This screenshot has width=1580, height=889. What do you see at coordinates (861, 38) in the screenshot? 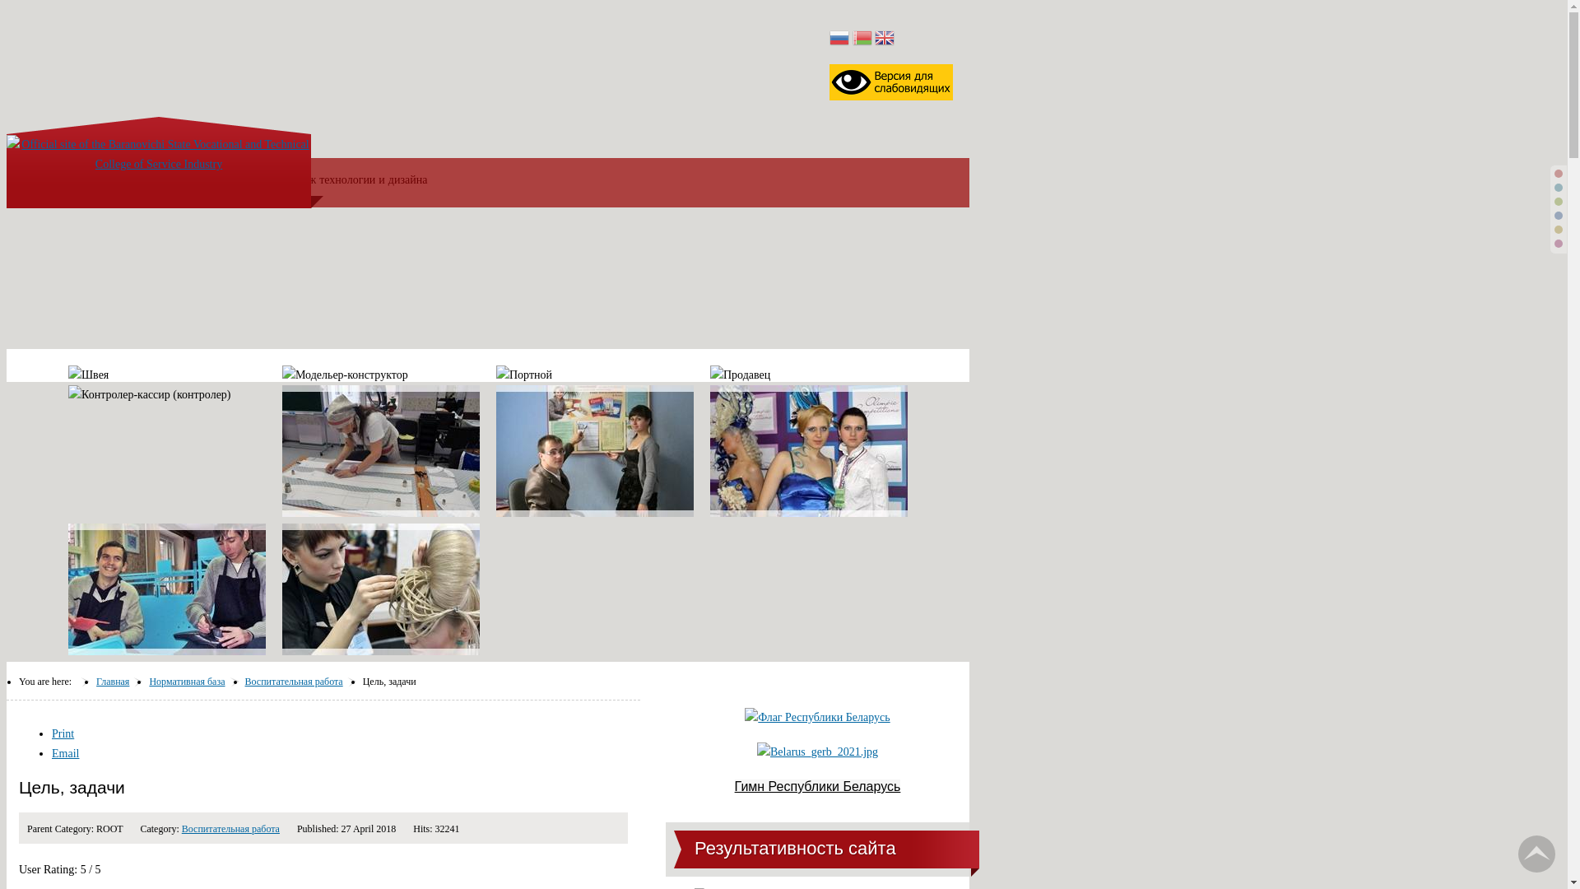
I see `'Belarusian'` at bounding box center [861, 38].